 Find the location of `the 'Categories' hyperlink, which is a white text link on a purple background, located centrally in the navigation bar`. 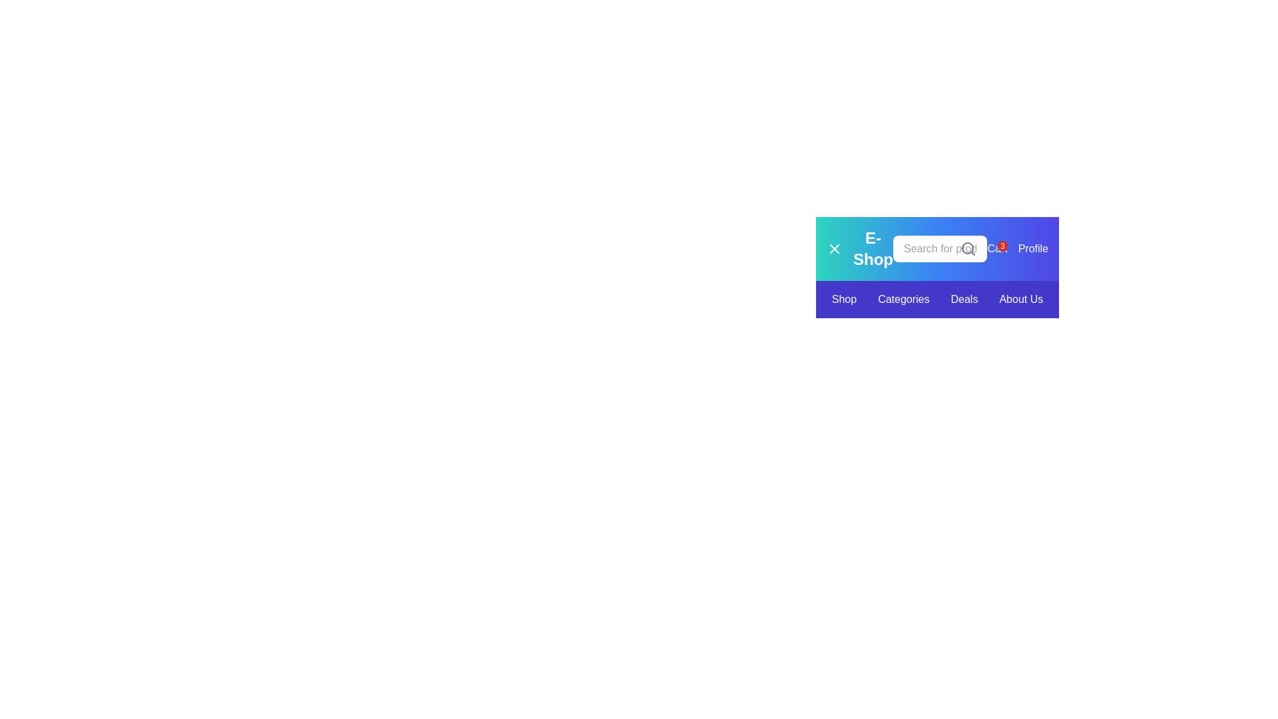

the 'Categories' hyperlink, which is a white text link on a purple background, located centrally in the navigation bar is located at coordinates (903, 298).